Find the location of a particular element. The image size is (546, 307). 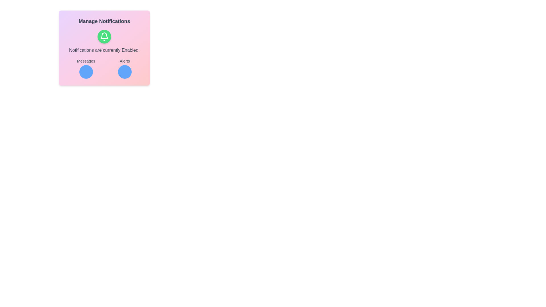

the informational text label indicating the current state of notifications as 'Enabled', located in the 'Manage Notifications' section beneath the green bell icon is located at coordinates (130, 50).